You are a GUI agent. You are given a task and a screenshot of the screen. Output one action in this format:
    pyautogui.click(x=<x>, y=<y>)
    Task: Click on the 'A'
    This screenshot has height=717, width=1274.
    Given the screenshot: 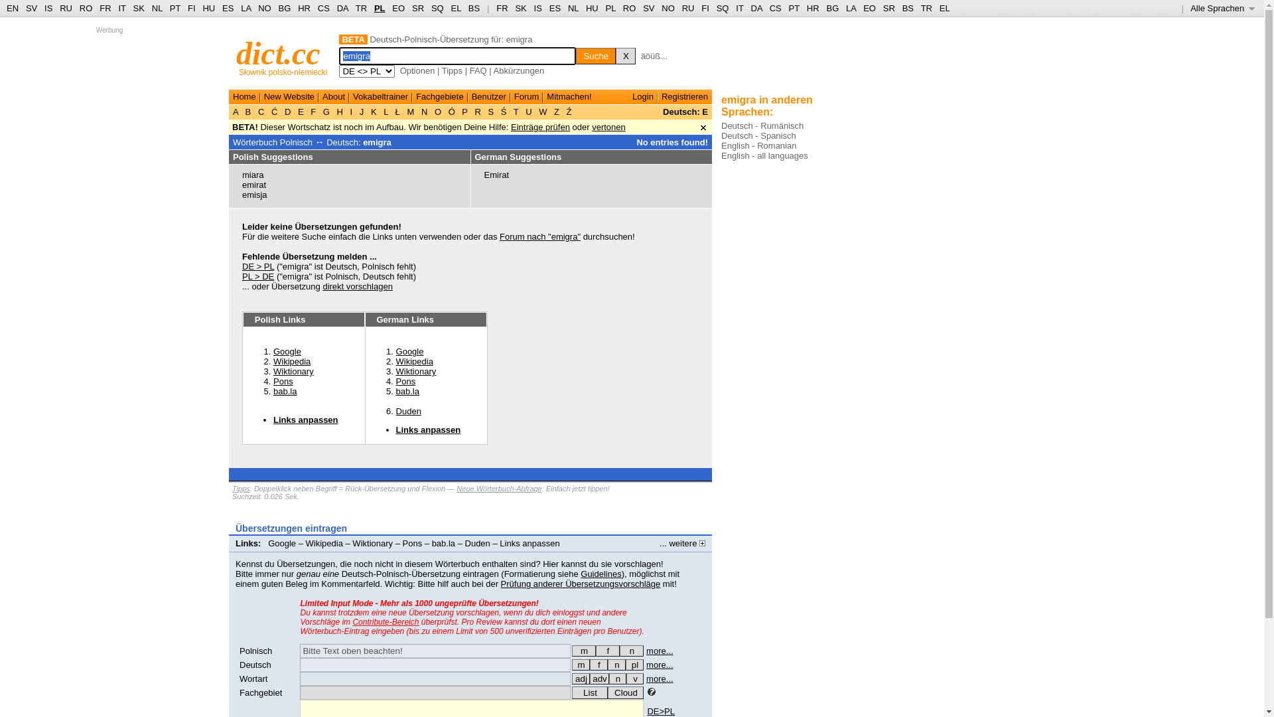 What is the action you would take?
    pyautogui.click(x=236, y=111)
    